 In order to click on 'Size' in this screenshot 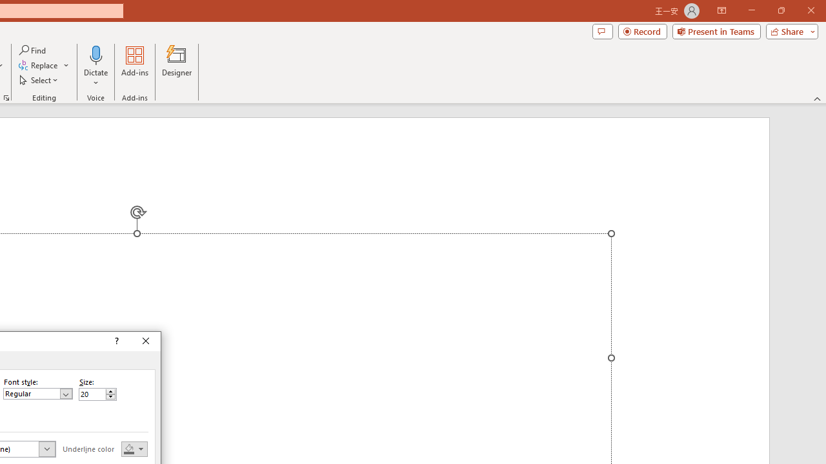, I will do `click(91, 394)`.